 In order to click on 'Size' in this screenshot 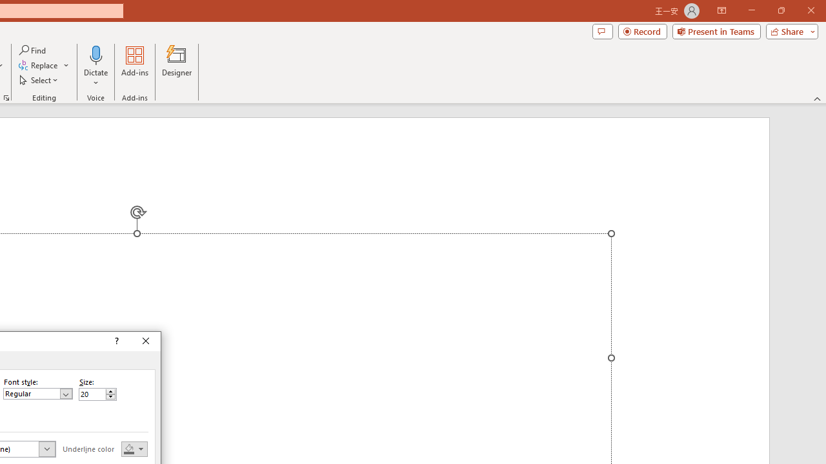, I will do `click(91, 394)`.